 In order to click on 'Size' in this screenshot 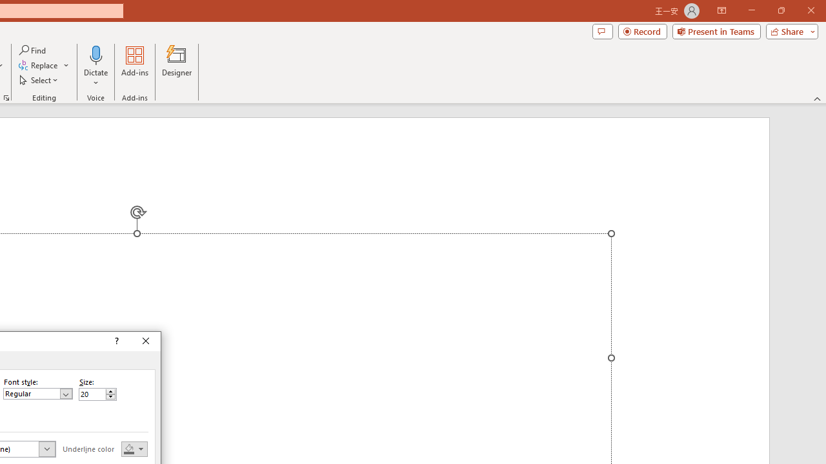, I will do `click(91, 394)`.